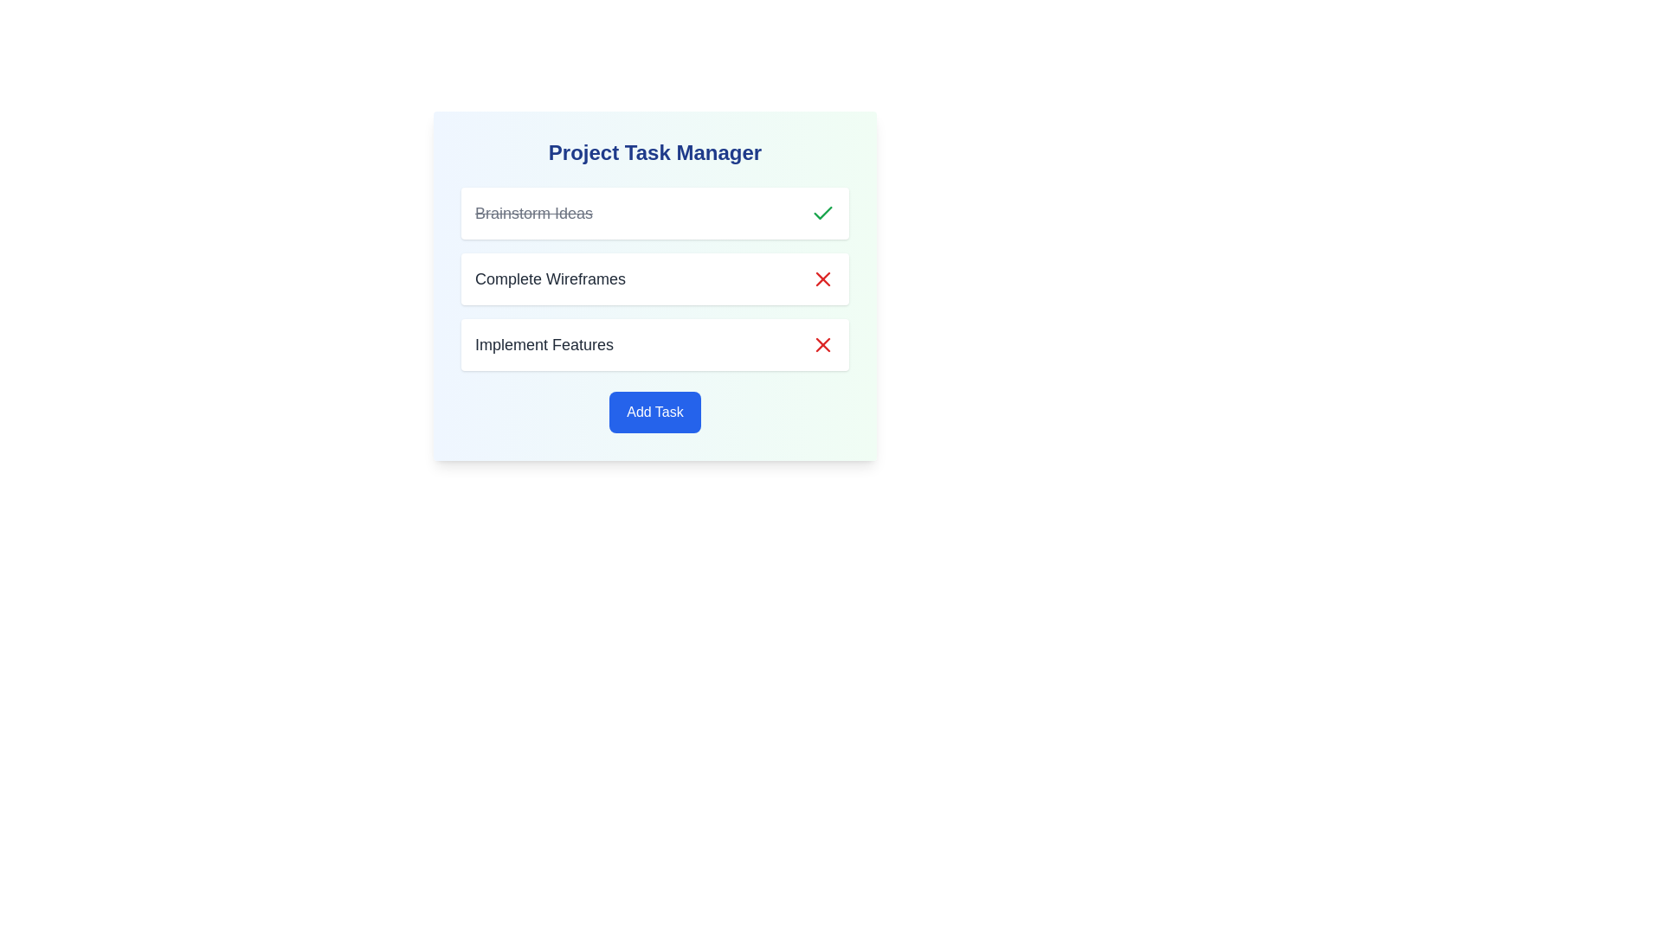  Describe the element at coordinates (533, 212) in the screenshot. I see `the text label displaying 'Brainstorm Ideas', which indicates that the task is completed with a strikethrough, located in the first task of a vertical list` at that location.